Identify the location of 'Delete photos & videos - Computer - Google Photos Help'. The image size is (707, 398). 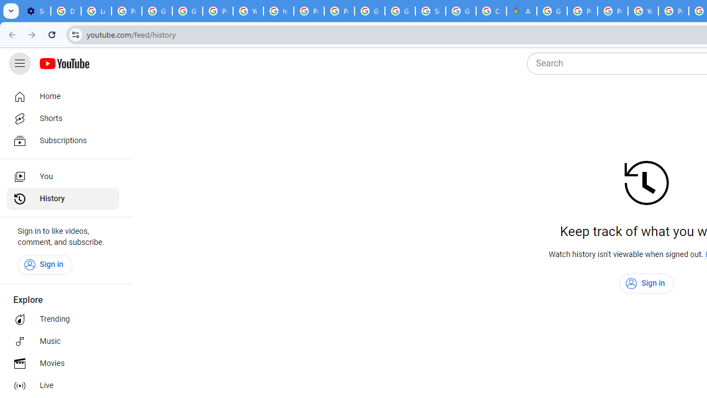
(65, 11).